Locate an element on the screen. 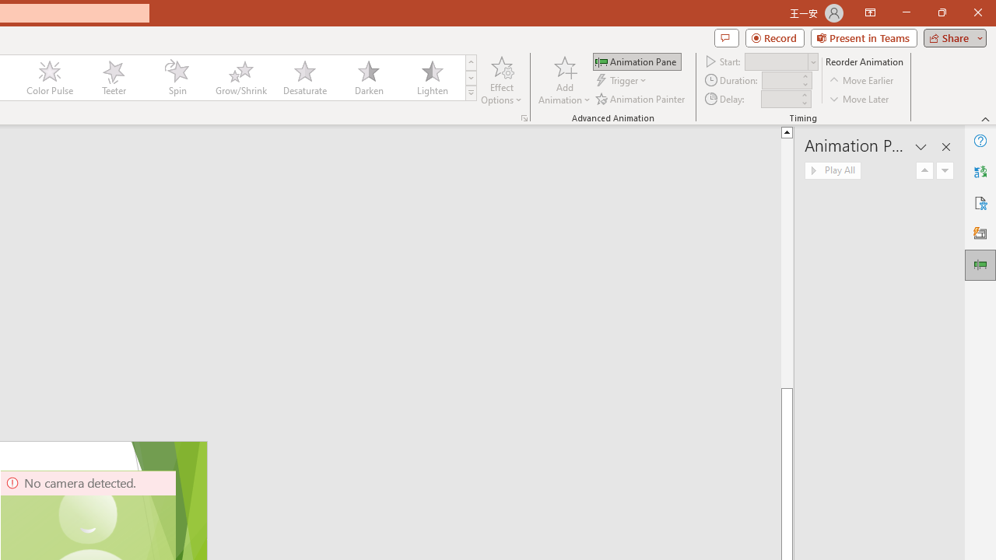 Image resolution: width=996 pixels, height=560 pixels. 'Effect Options' is located at coordinates (502, 80).